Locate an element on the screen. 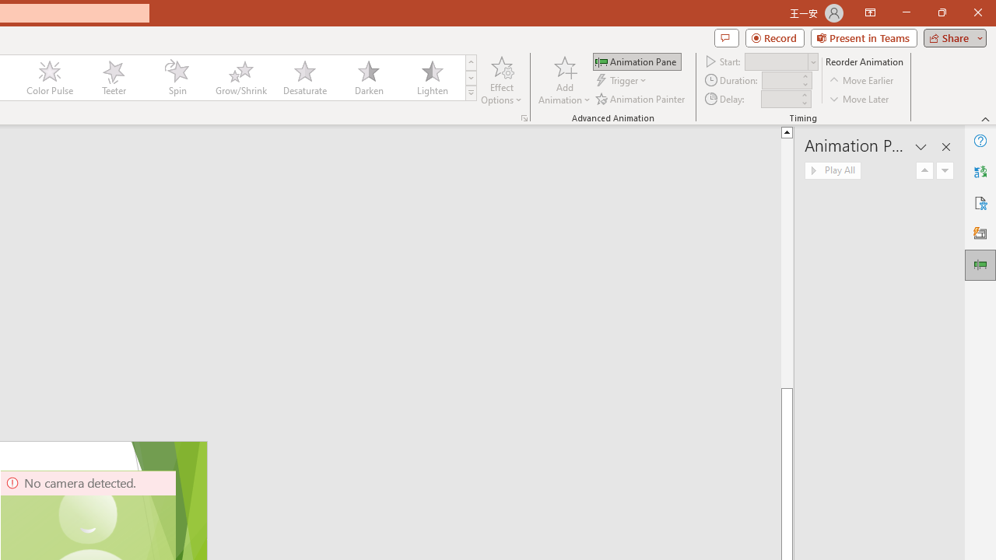 Image resolution: width=996 pixels, height=560 pixels. 'Effect Options' is located at coordinates (502, 80).